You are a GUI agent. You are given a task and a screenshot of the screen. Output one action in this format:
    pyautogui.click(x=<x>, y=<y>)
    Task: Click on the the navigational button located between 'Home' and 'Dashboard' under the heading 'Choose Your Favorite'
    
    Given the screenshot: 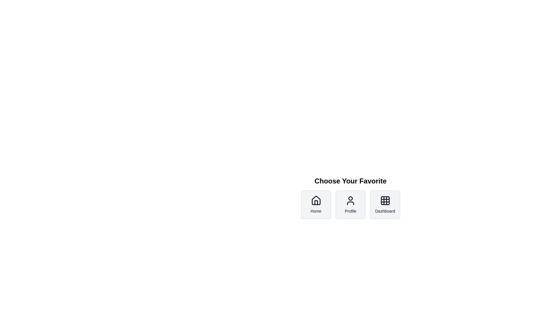 What is the action you would take?
    pyautogui.click(x=350, y=204)
    